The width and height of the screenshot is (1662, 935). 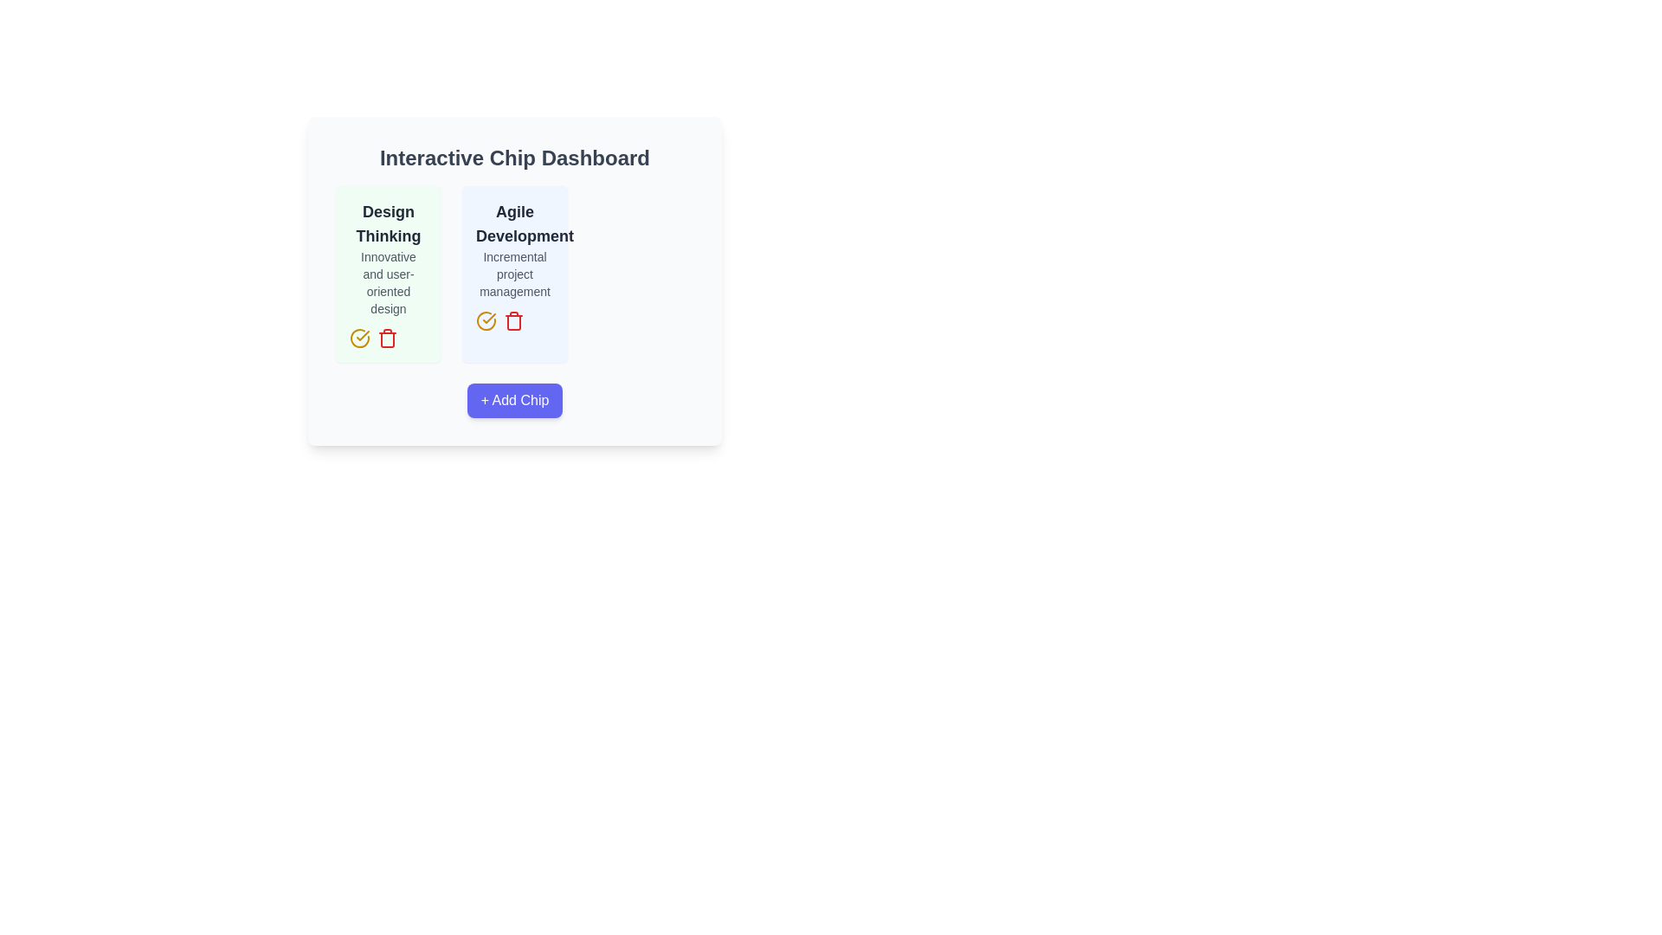 I want to click on the 'Design Thinking' card, so click(x=388, y=273).